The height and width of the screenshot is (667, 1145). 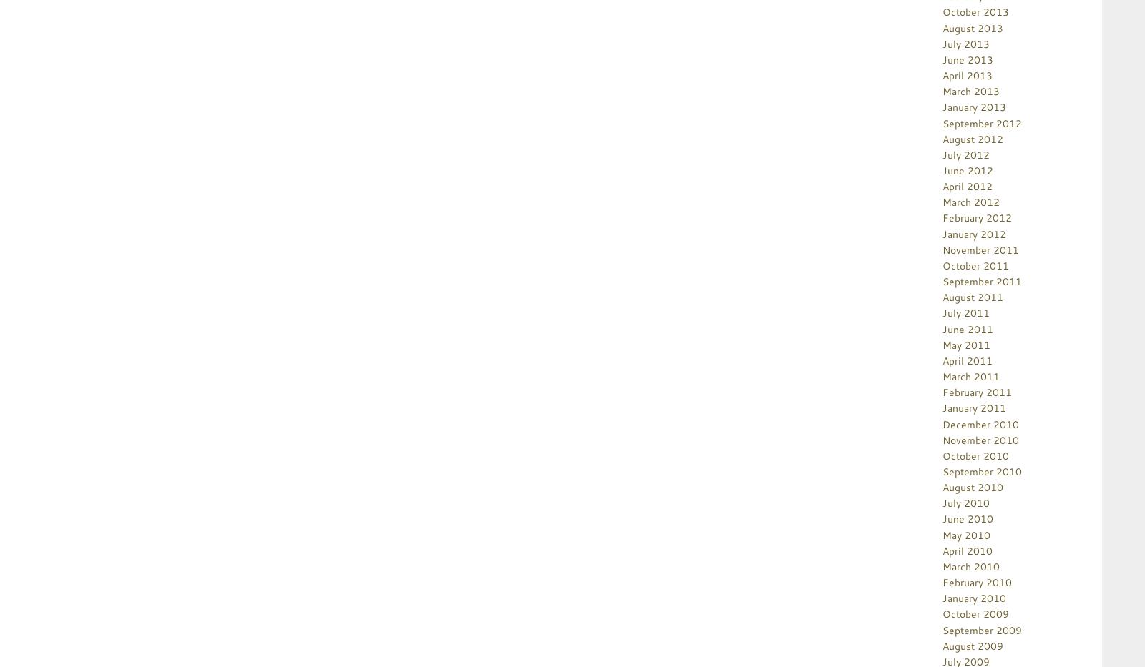 What do you see at coordinates (941, 265) in the screenshot?
I see `'October 2011'` at bounding box center [941, 265].